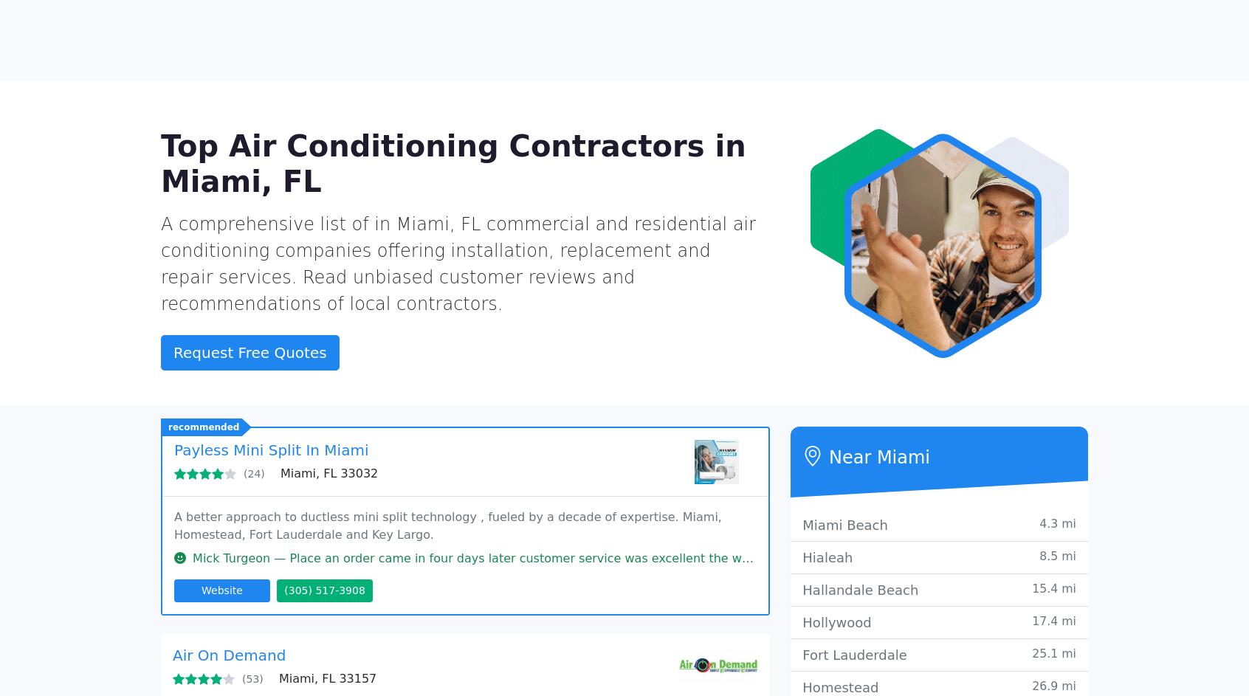 This screenshot has width=1249, height=696. What do you see at coordinates (940, 60) in the screenshot?
I see `'Add Your Business'` at bounding box center [940, 60].